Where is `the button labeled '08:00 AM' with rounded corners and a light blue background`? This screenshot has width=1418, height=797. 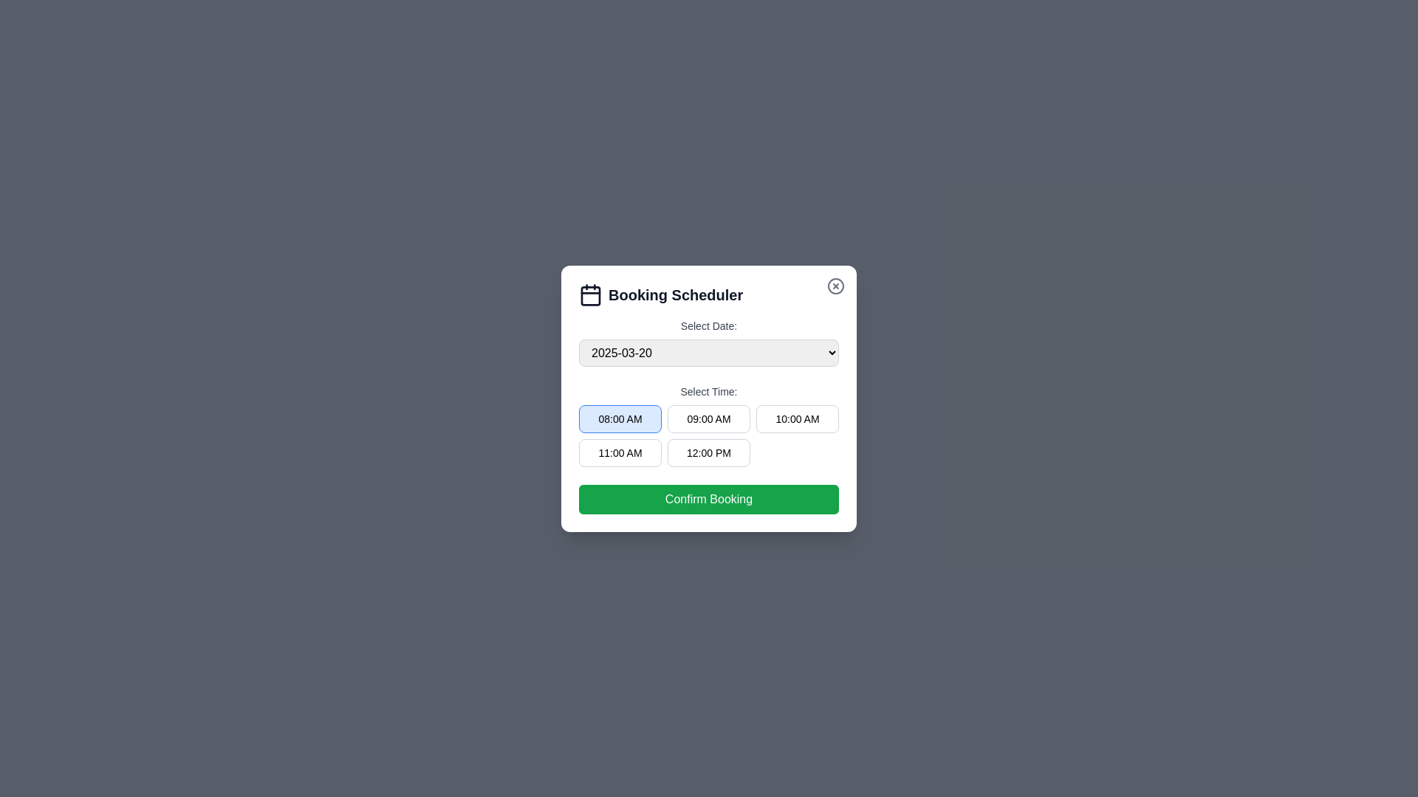 the button labeled '08:00 AM' with rounded corners and a light blue background is located at coordinates (620, 418).